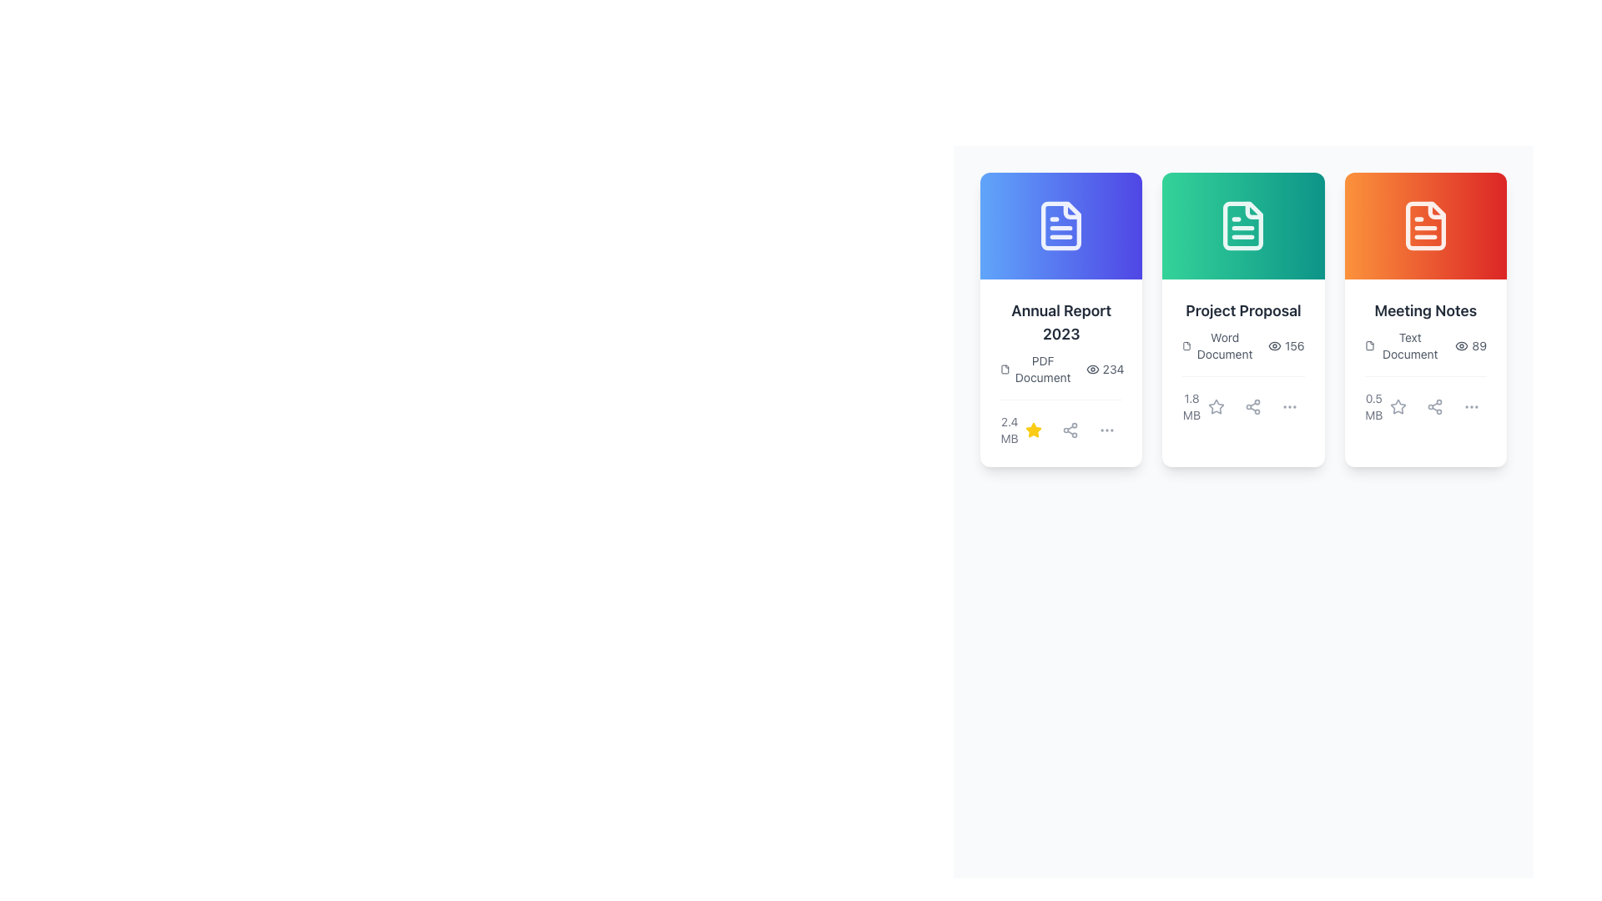 This screenshot has height=901, width=1602. I want to click on the document icon with a white outline located in the header of the third card, which has an orange gradient background, so click(1424, 225).